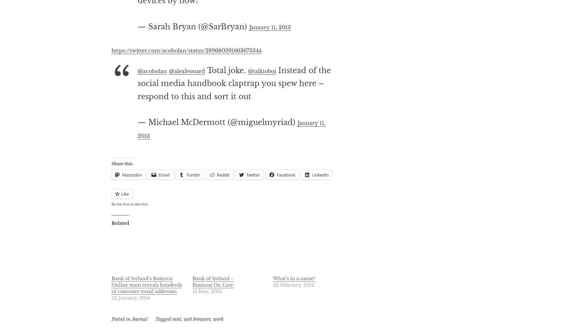 The height and width of the screenshot is (334, 574). What do you see at coordinates (253, 201) in the screenshot?
I see `'Twitter'` at bounding box center [253, 201].